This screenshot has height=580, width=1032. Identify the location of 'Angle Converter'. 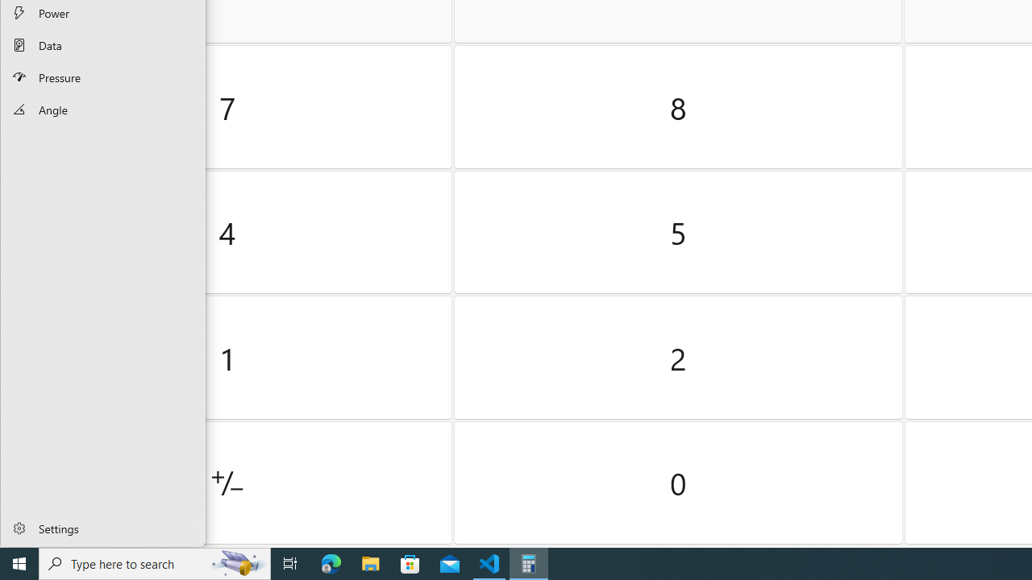
(102, 109).